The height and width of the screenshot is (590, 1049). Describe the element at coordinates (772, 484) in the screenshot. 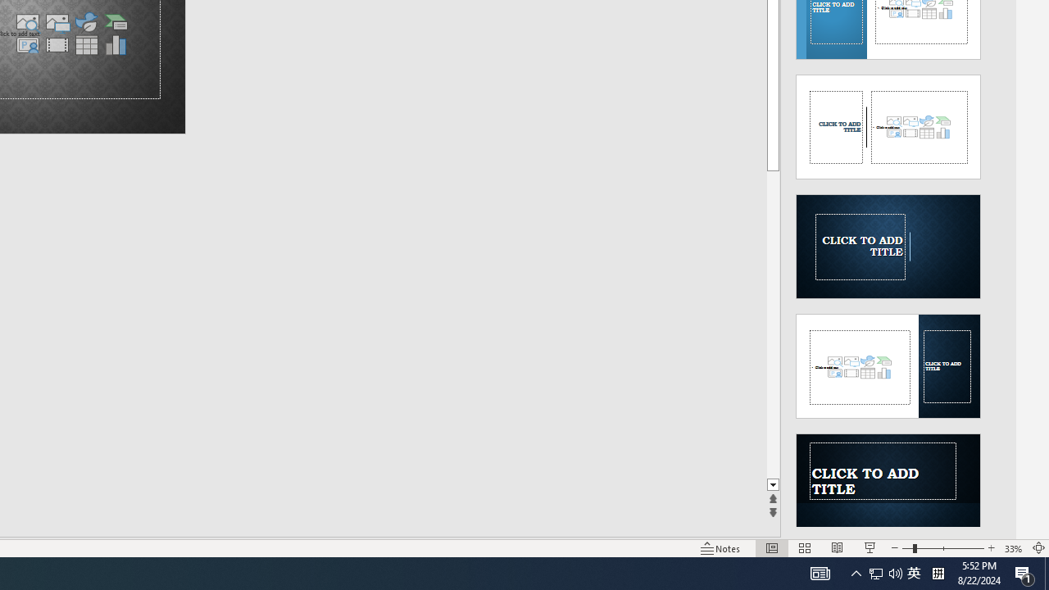

I see `'Line down'` at that location.